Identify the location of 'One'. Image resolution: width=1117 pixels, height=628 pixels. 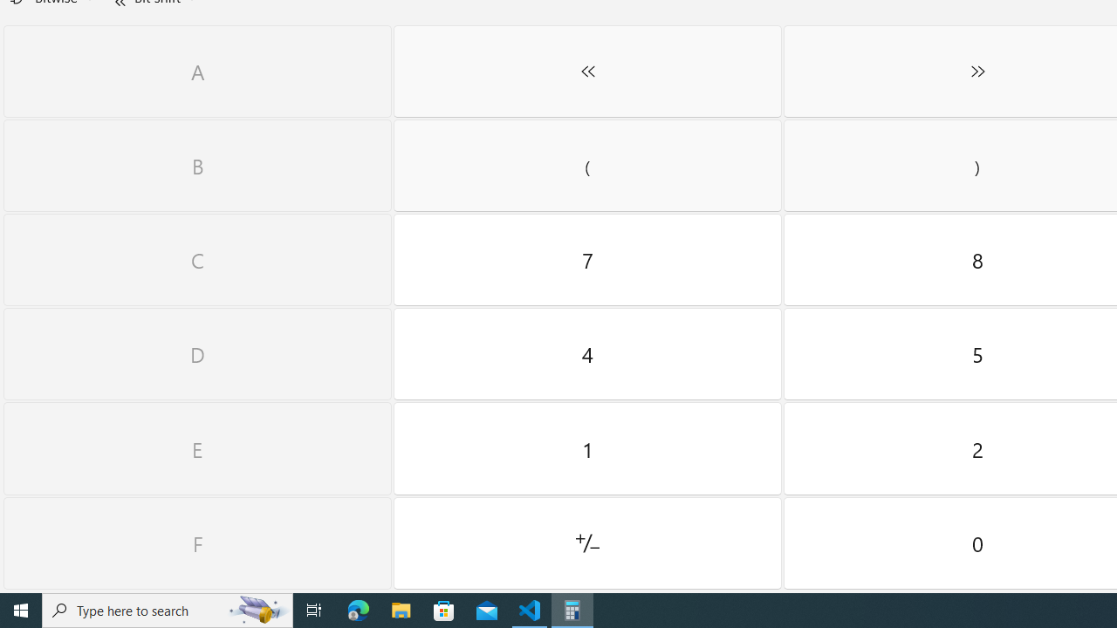
(587, 447).